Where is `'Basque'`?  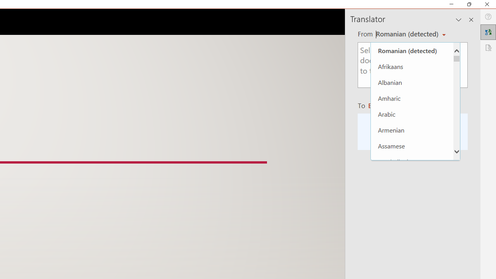 'Basque' is located at coordinates (412, 209).